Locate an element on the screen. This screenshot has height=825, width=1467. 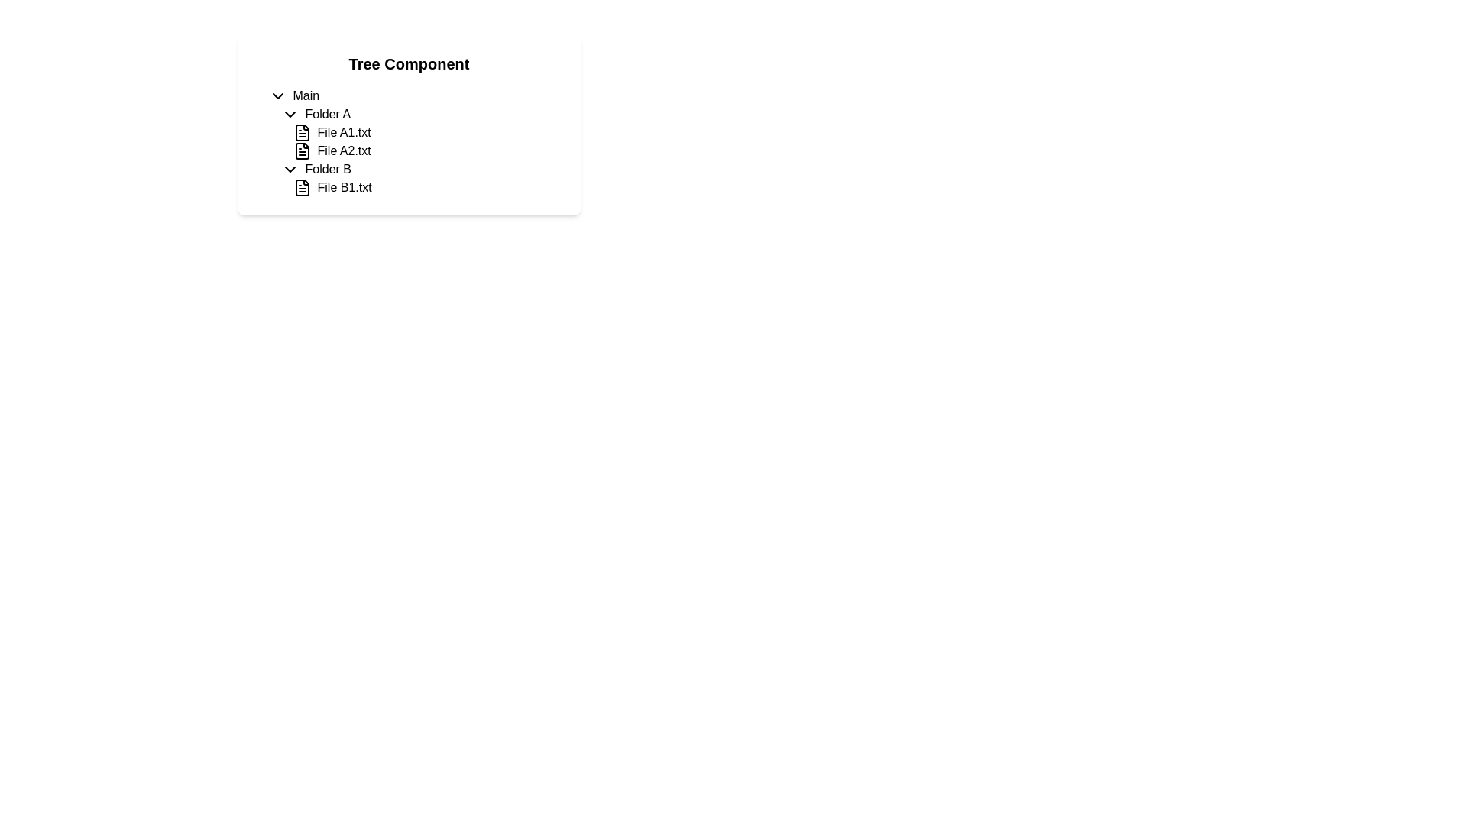
the text label indicating the file named 'File A2.txt' located as the second element under 'Folder A' in the tree structure on the left-hand pane is located at coordinates (343, 150).